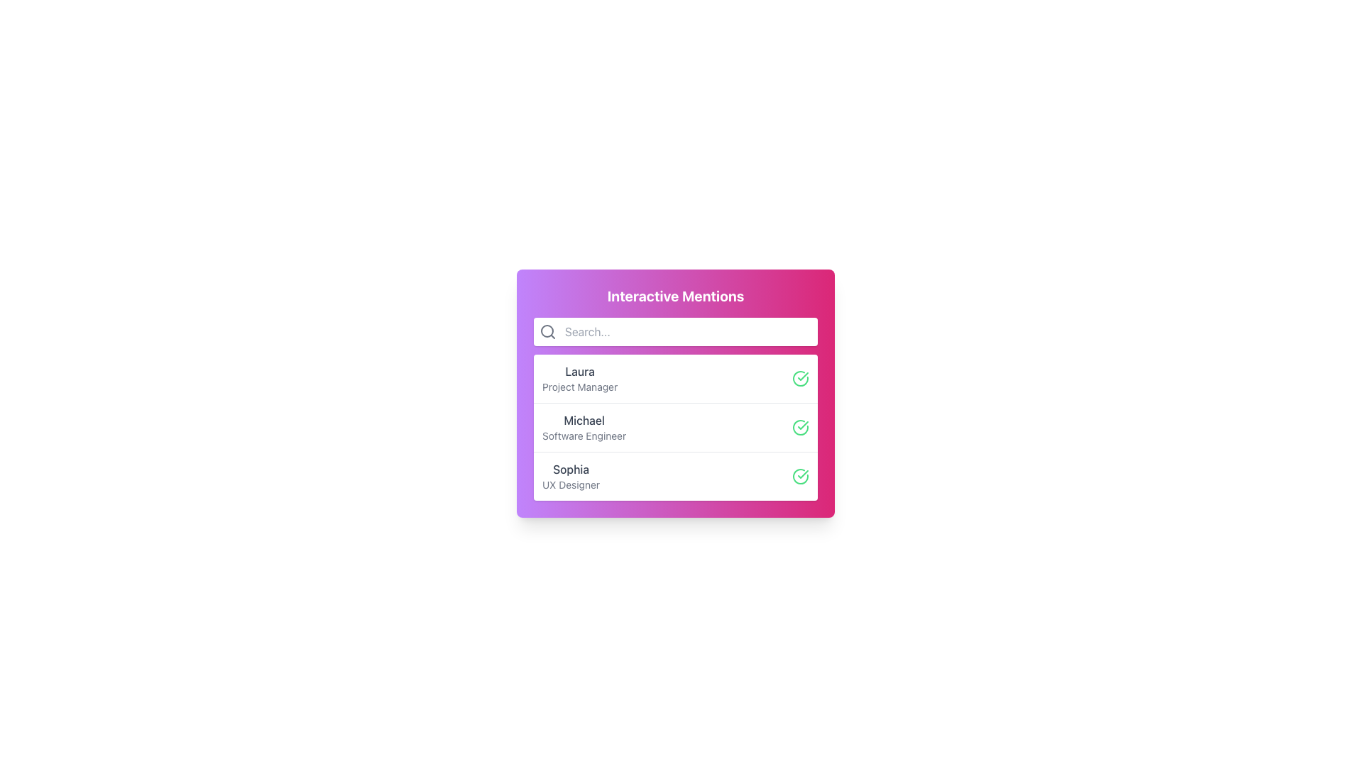  I want to click on the circular confirmation icon with a green outline and checkmark located to the far right of the entry for 'Michael' in the list, which signifies selection confirmation, so click(801, 426).